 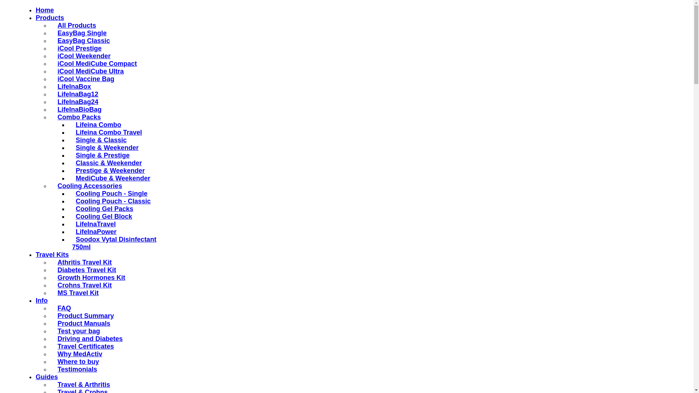 I want to click on 'LifeInaPower', so click(x=72, y=231).